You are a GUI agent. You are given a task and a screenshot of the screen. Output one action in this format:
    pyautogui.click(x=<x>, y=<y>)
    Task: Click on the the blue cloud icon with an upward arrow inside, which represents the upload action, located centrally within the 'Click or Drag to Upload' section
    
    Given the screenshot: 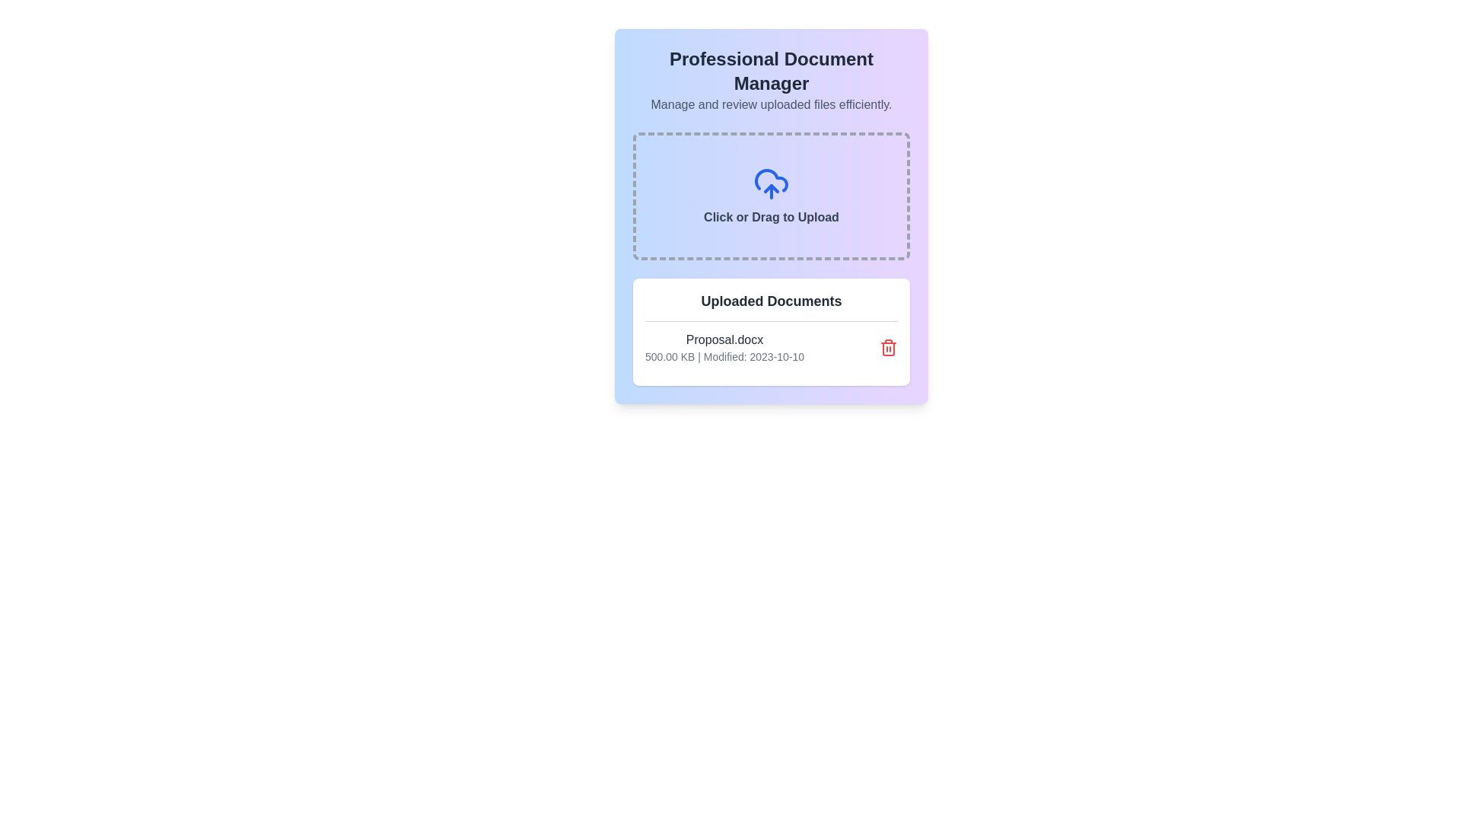 What is the action you would take?
    pyautogui.click(x=771, y=183)
    